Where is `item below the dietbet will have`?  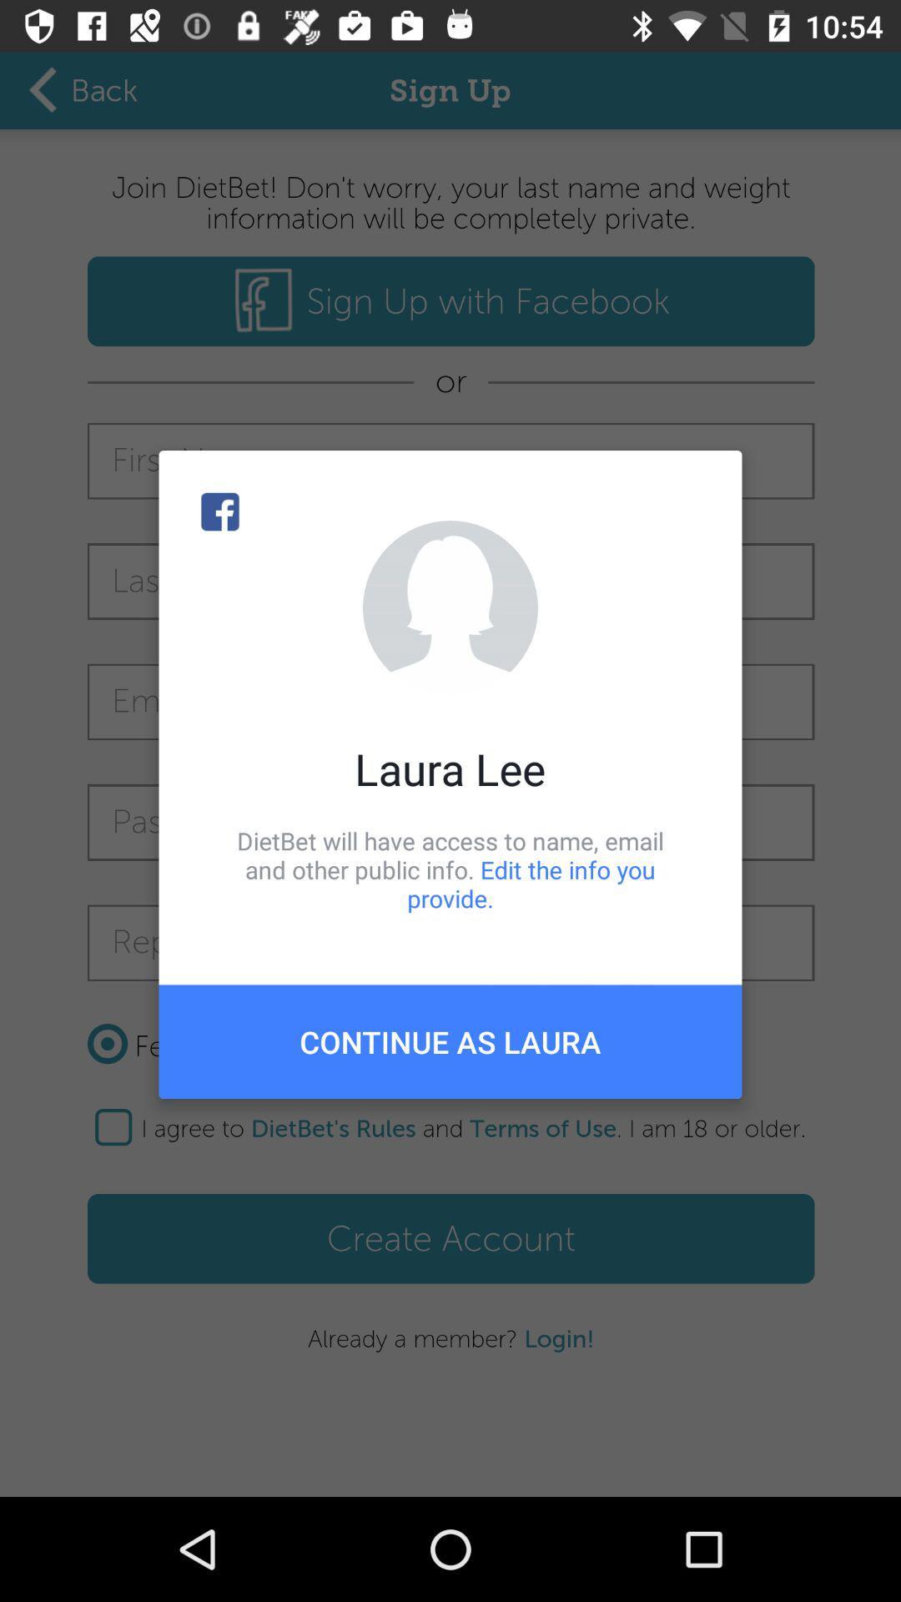 item below the dietbet will have is located at coordinates (450, 1040).